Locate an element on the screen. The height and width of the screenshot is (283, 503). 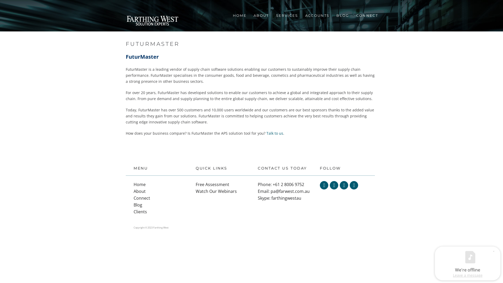
'Clients' is located at coordinates (140, 211).